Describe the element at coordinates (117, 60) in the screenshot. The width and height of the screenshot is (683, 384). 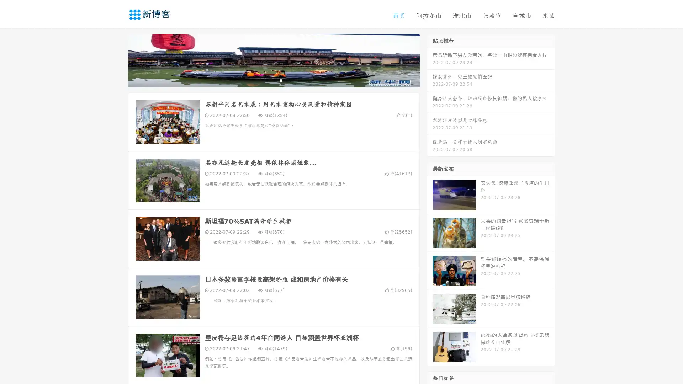
I see `Previous slide` at that location.